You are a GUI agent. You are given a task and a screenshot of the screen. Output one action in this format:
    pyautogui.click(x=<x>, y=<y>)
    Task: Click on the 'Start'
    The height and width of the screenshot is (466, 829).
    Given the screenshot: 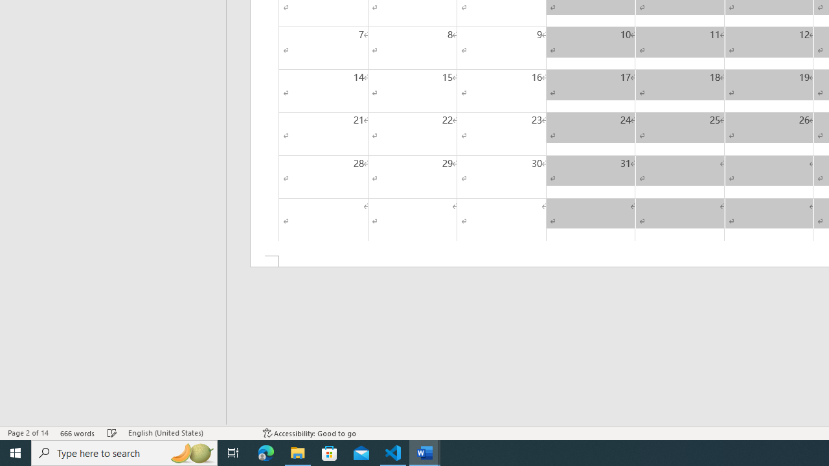 What is the action you would take?
    pyautogui.click(x=16, y=452)
    